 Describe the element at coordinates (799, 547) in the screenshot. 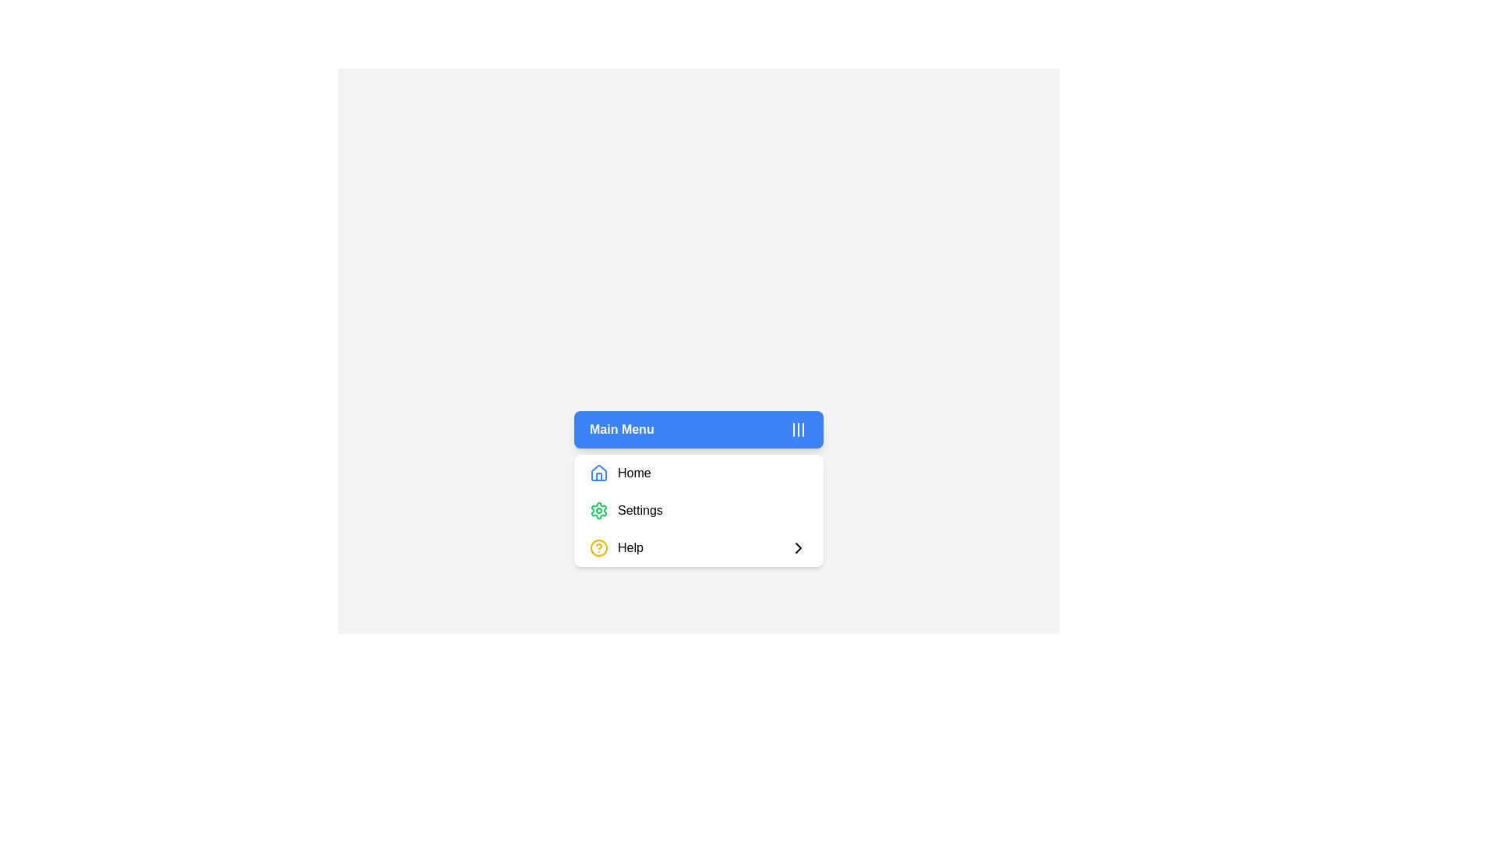

I see `the rightward pointing chevron icon located inside the dropdown menu, adjacent to the 'Help' list item` at that location.